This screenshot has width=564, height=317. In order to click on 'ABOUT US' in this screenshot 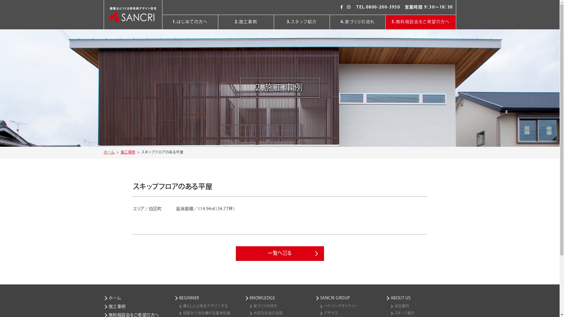, I will do `click(420, 298)`.